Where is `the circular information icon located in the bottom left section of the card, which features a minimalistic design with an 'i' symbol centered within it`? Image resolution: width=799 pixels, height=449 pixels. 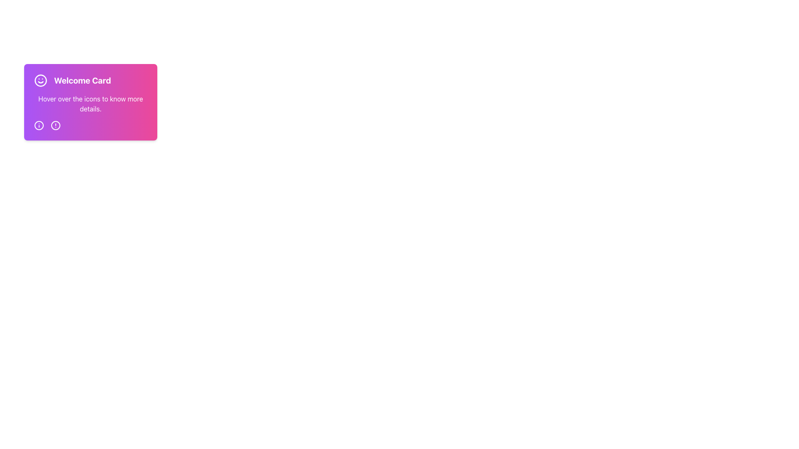 the circular information icon located in the bottom left section of the card, which features a minimalistic design with an 'i' symbol centered within it is located at coordinates (39, 125).